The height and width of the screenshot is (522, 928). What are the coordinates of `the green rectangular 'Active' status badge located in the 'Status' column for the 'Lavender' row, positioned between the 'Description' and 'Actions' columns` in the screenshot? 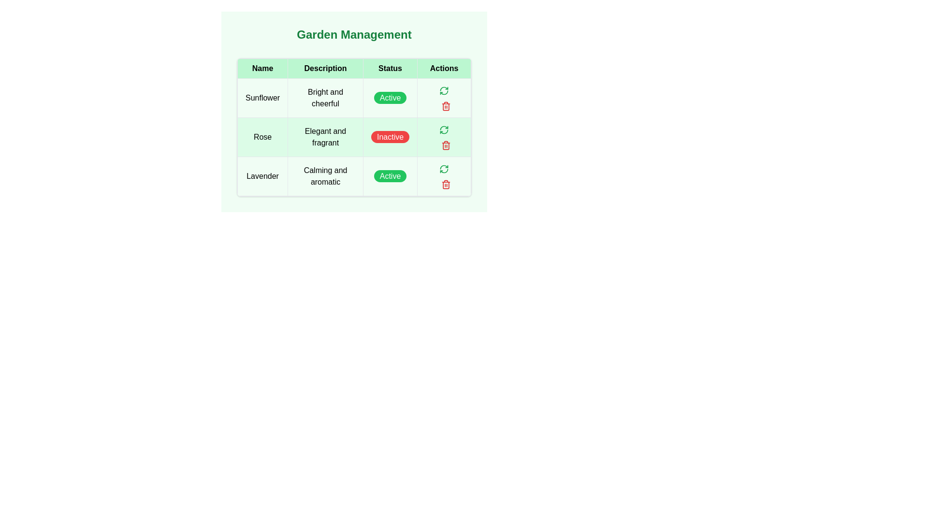 It's located at (390, 176).